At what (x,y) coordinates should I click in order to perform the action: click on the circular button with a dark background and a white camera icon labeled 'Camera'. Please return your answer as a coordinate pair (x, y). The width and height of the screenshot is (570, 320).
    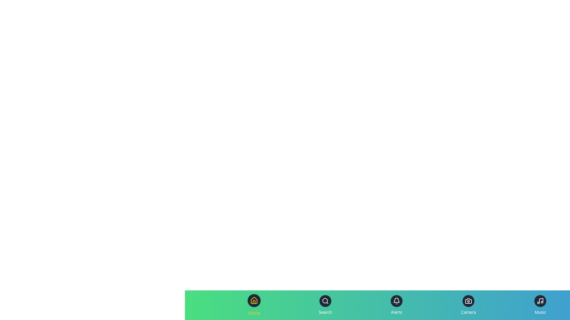
    Looking at the image, I should click on (468, 305).